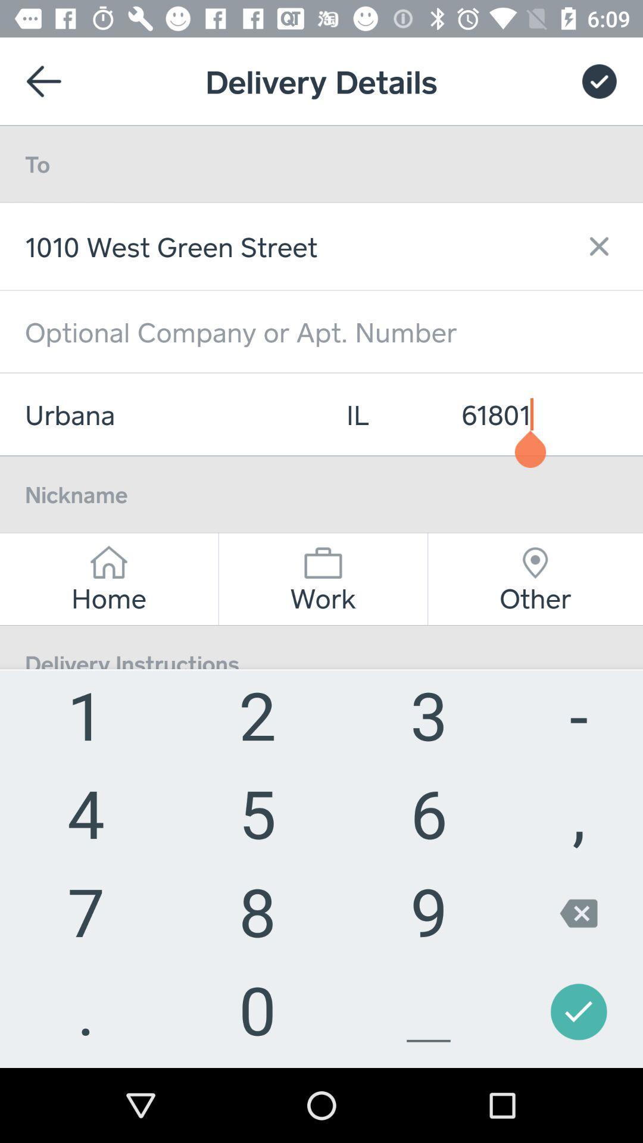 The image size is (643, 1143). I want to click on the close icon, so click(592, 245).